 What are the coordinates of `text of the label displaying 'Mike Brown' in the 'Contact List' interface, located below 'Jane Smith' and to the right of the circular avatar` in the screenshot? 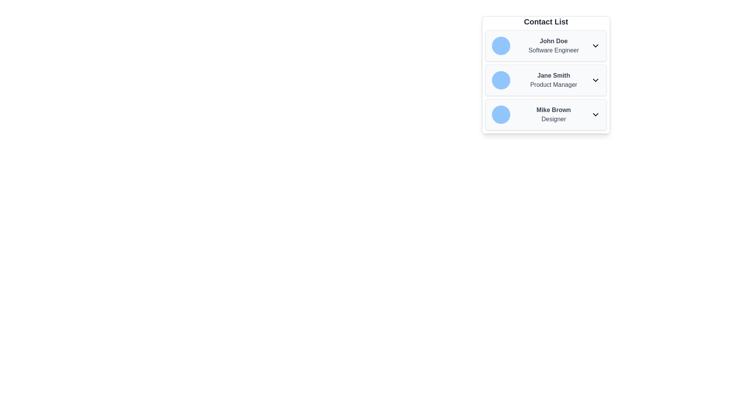 It's located at (554, 110).